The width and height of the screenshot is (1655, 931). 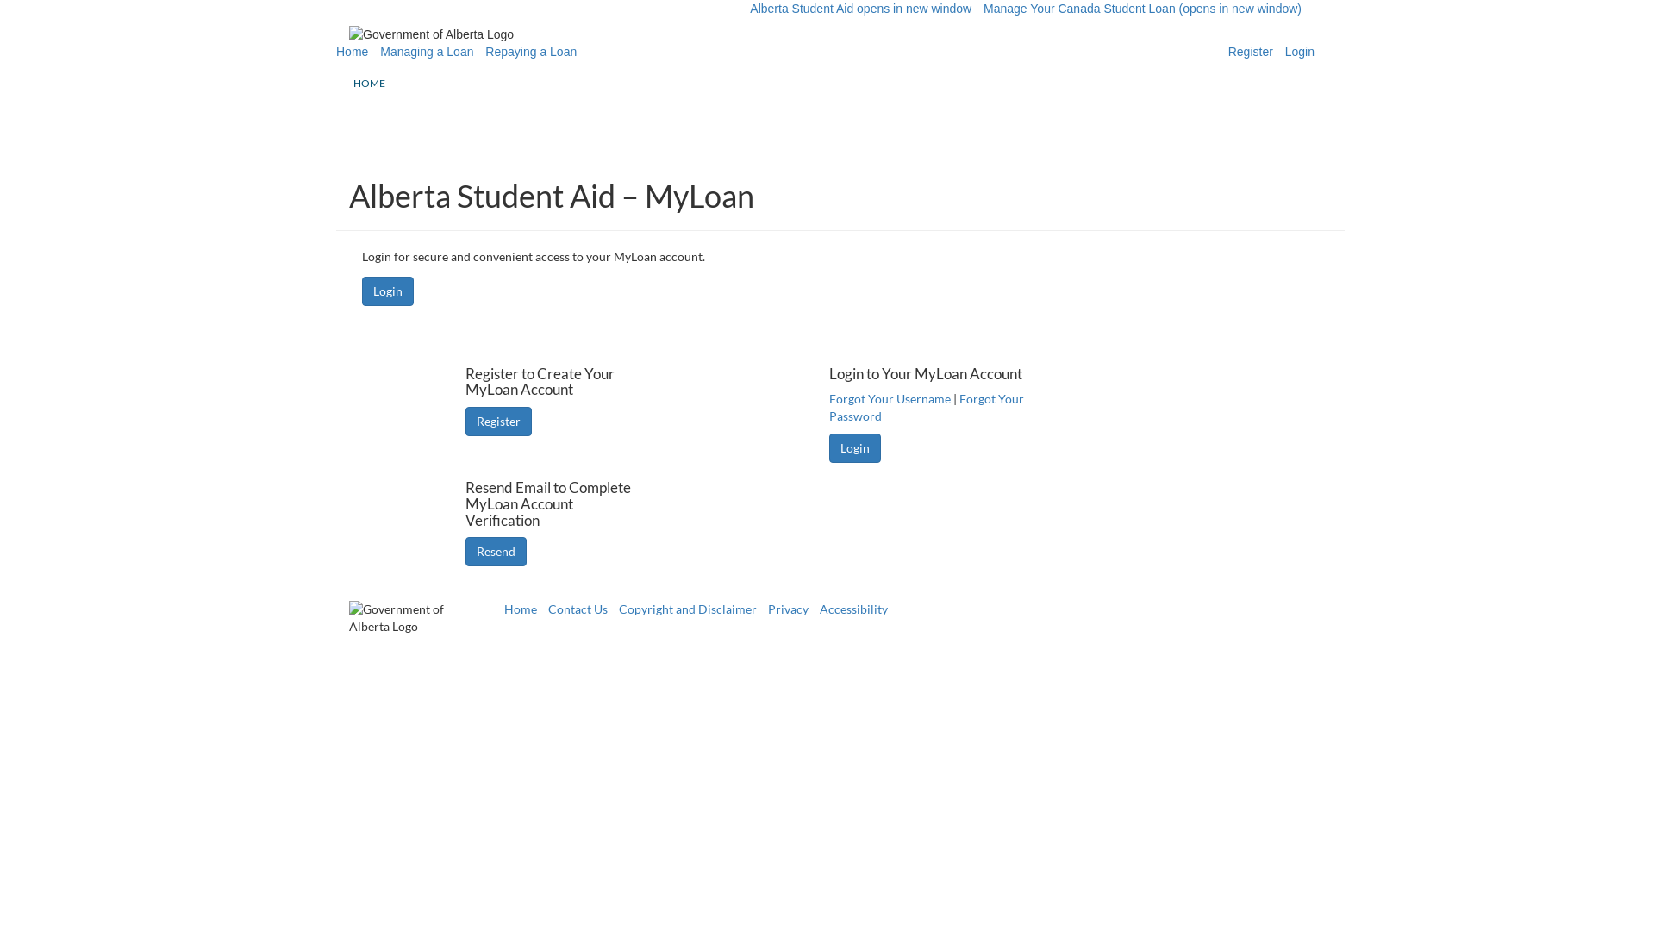 What do you see at coordinates (890, 398) in the screenshot?
I see `'Forgot Your Username'` at bounding box center [890, 398].